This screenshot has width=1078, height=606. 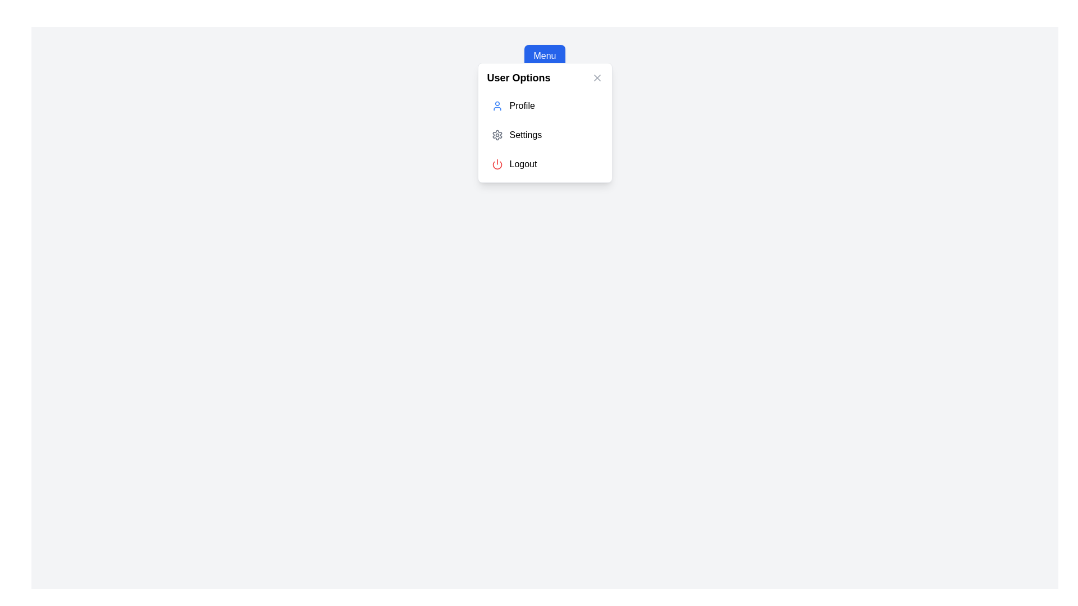 I want to click on the user profile action button located at the top of the 'User Options' menu, so click(x=545, y=106).